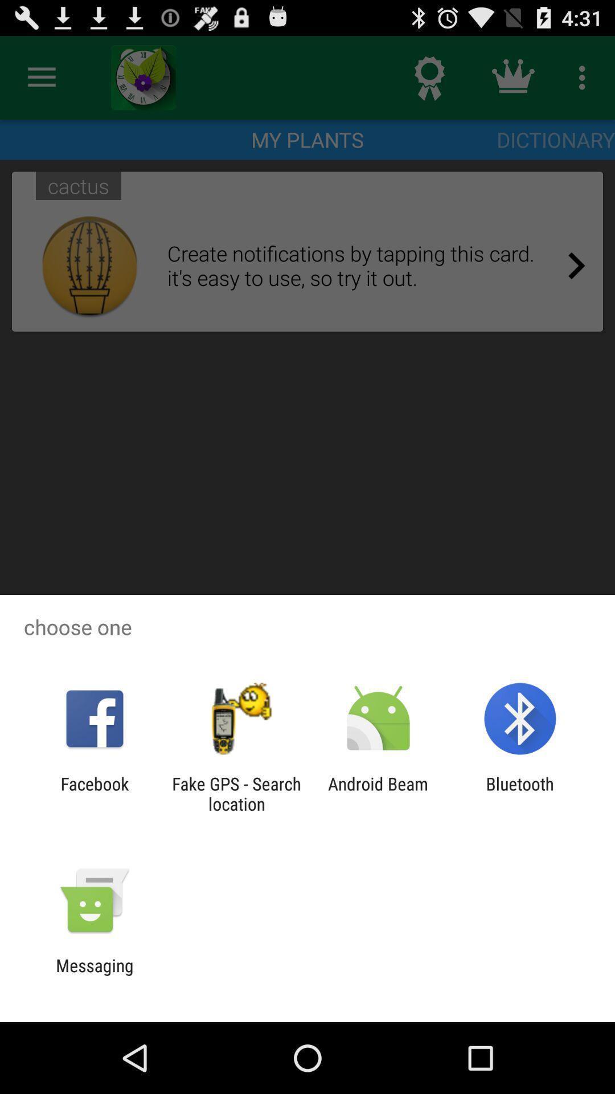 The image size is (615, 1094). I want to click on icon to the right of the fake gps search icon, so click(378, 793).